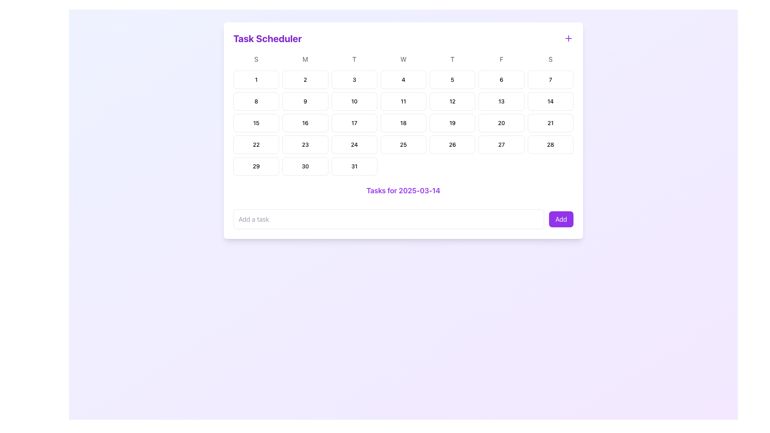 This screenshot has width=770, height=433. What do you see at coordinates (305, 80) in the screenshot?
I see `the calendar button representing the date in the second position of the first row, located between '1' and '3'` at bounding box center [305, 80].